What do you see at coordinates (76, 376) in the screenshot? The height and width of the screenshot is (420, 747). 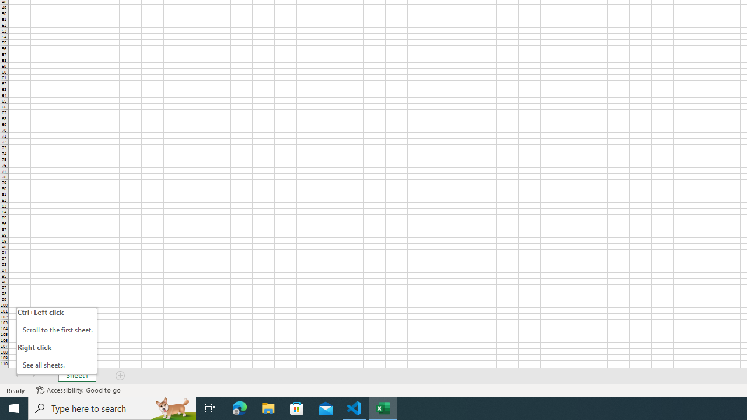 I see `'Sheet1'` at bounding box center [76, 376].